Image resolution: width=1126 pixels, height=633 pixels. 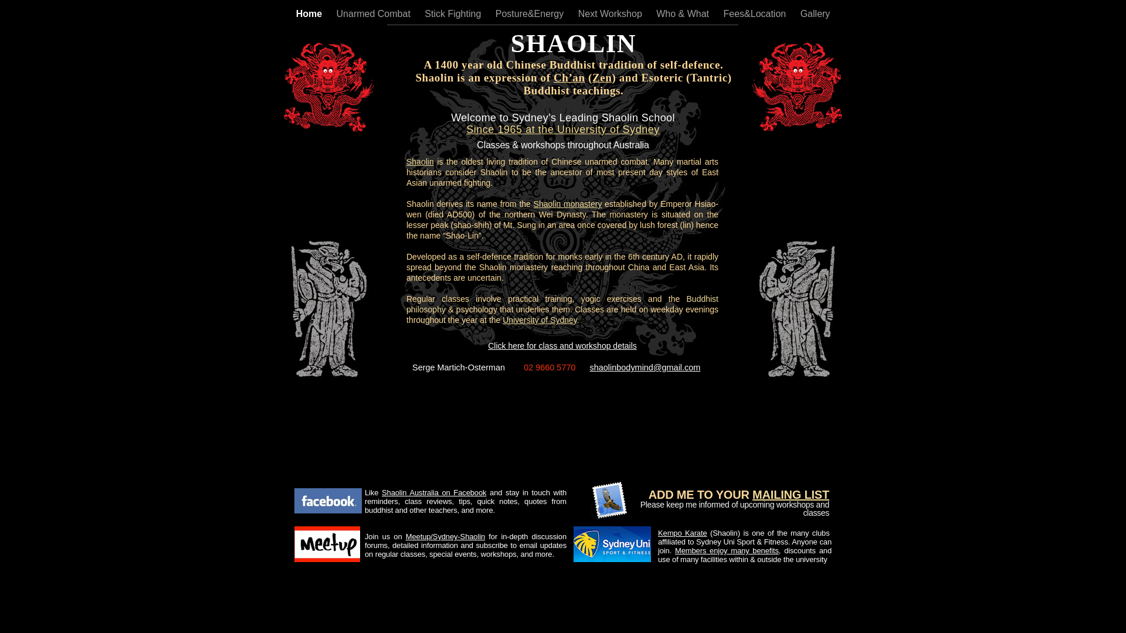 What do you see at coordinates (655, 13) in the screenshot?
I see `'Who & What'` at bounding box center [655, 13].